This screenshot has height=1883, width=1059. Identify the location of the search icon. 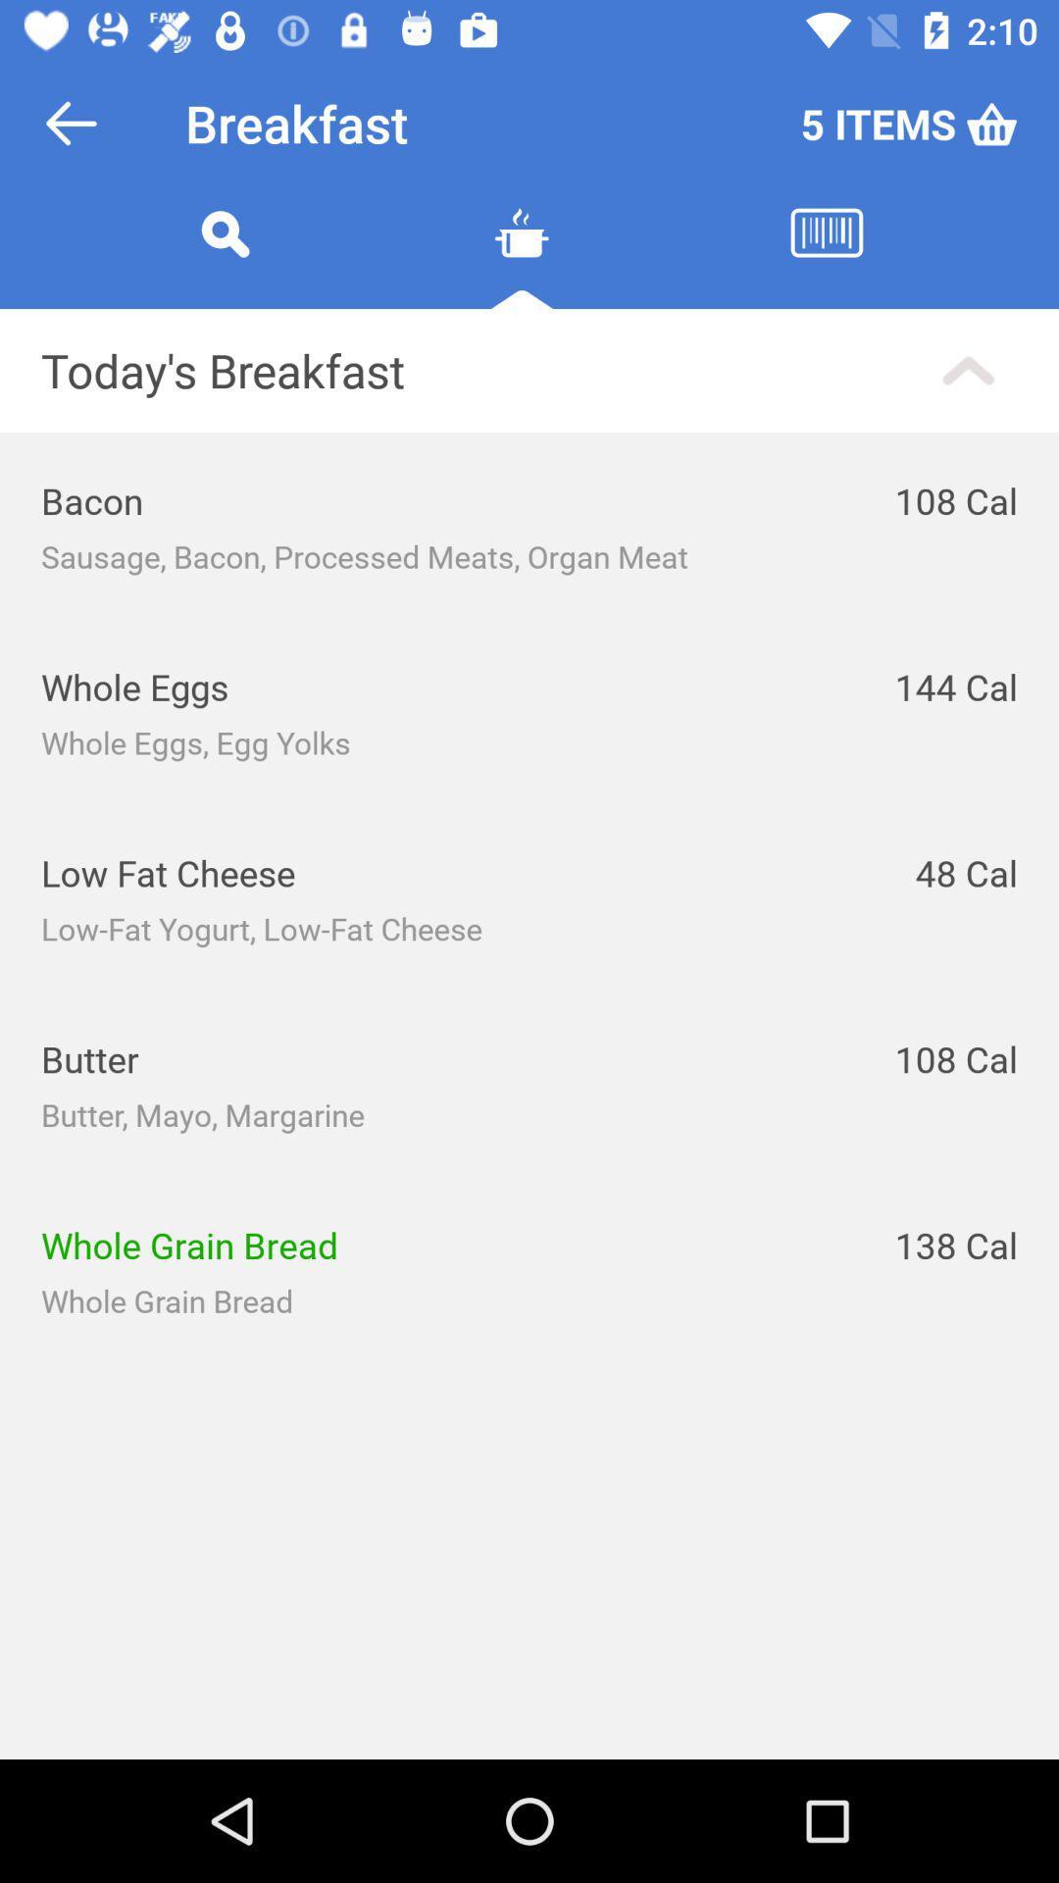
(224, 256).